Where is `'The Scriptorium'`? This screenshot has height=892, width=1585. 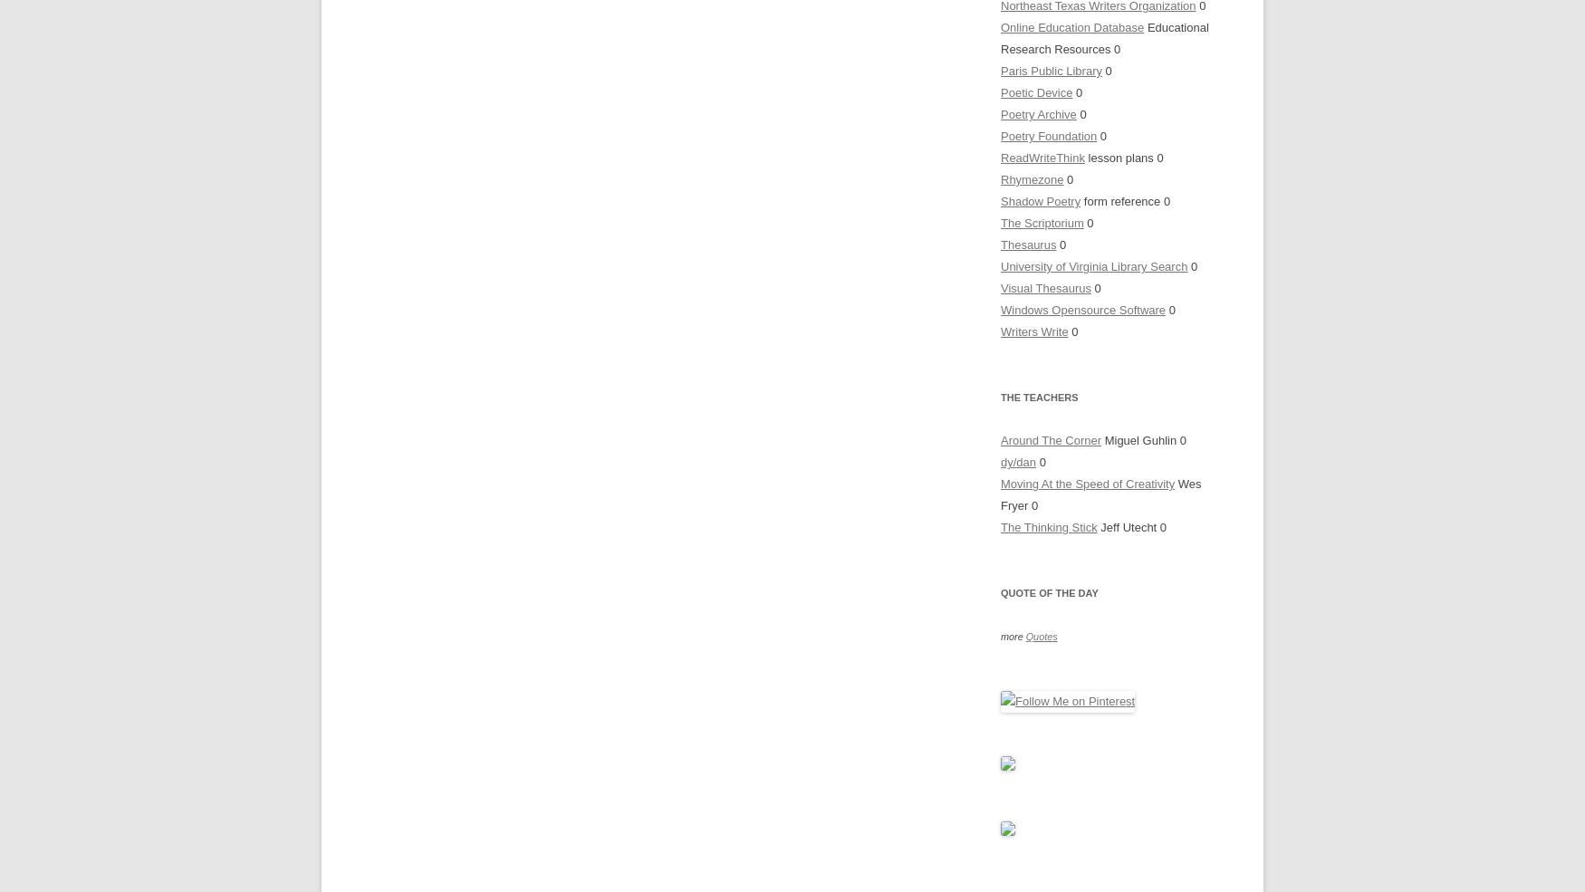
'The Scriptorium' is located at coordinates (1041, 222).